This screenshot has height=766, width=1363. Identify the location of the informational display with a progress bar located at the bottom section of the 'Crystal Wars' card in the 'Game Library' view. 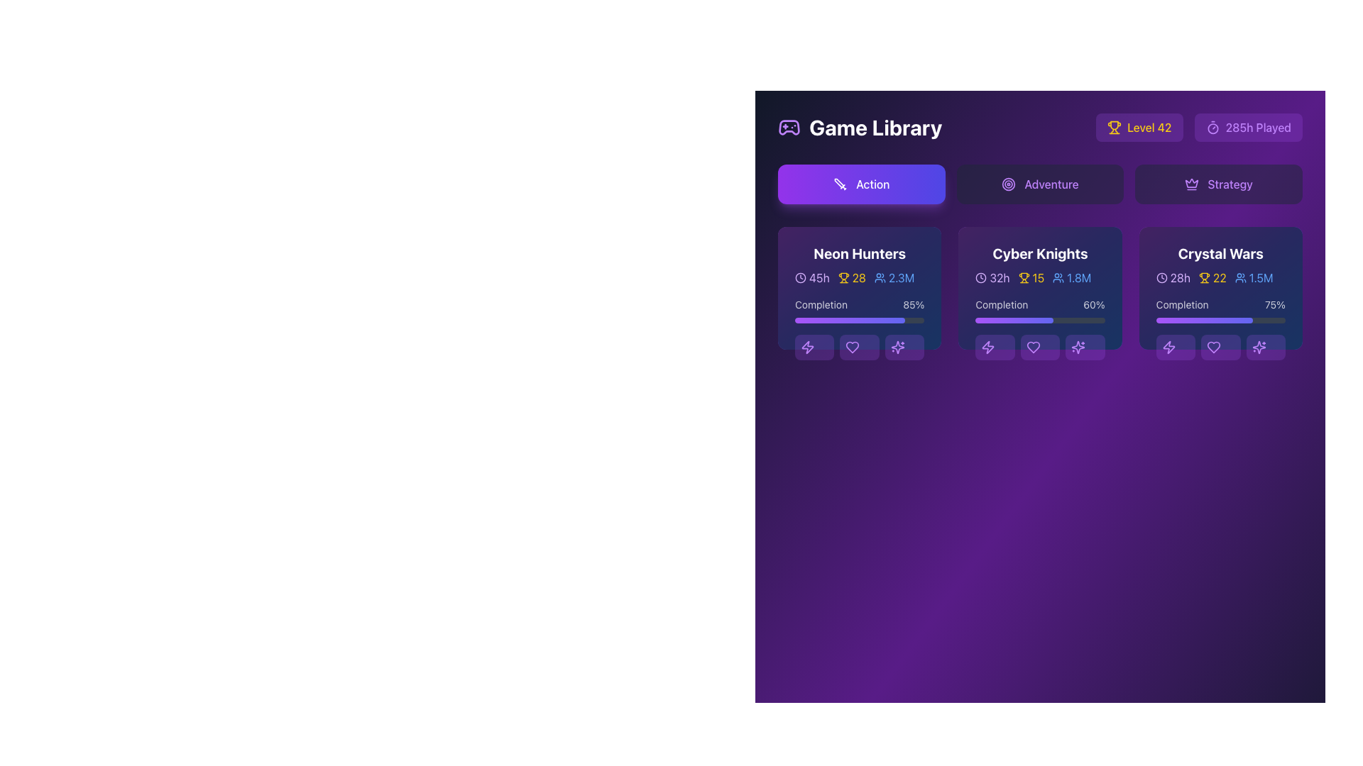
(1220, 328).